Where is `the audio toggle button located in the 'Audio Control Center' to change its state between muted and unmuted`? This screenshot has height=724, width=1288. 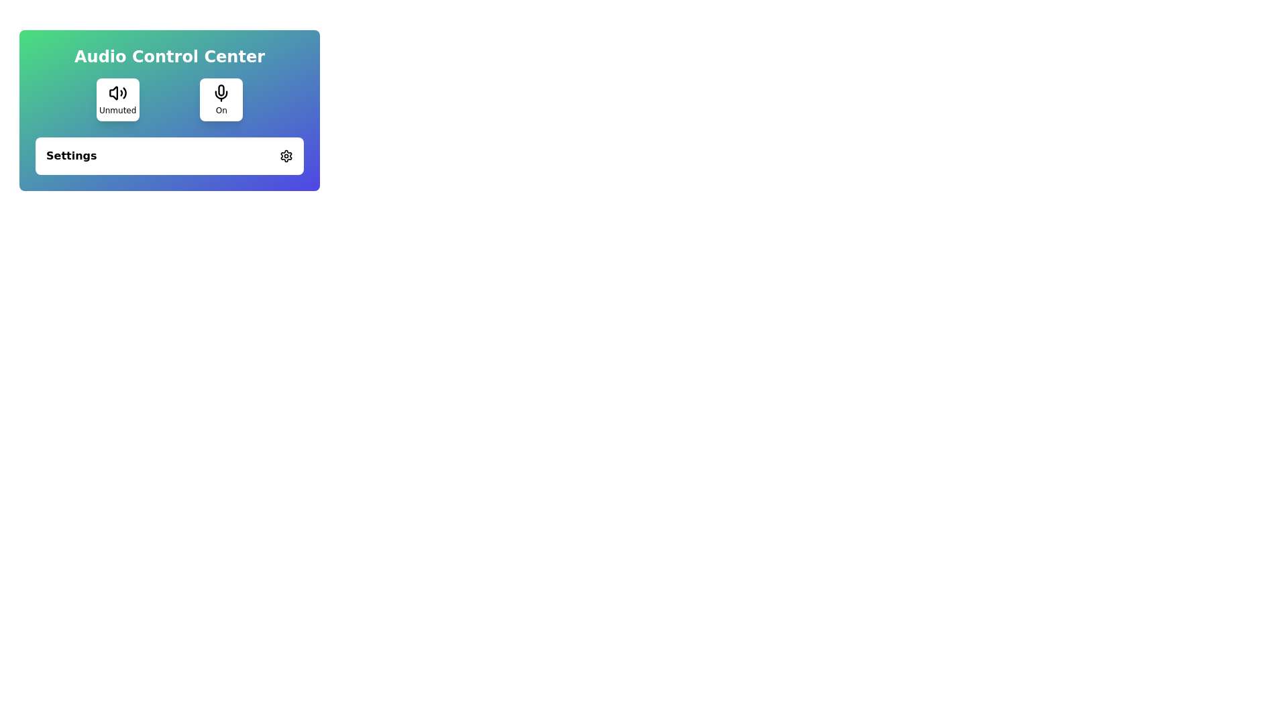 the audio toggle button located in the 'Audio Control Center' to change its state between muted and unmuted is located at coordinates (117, 99).